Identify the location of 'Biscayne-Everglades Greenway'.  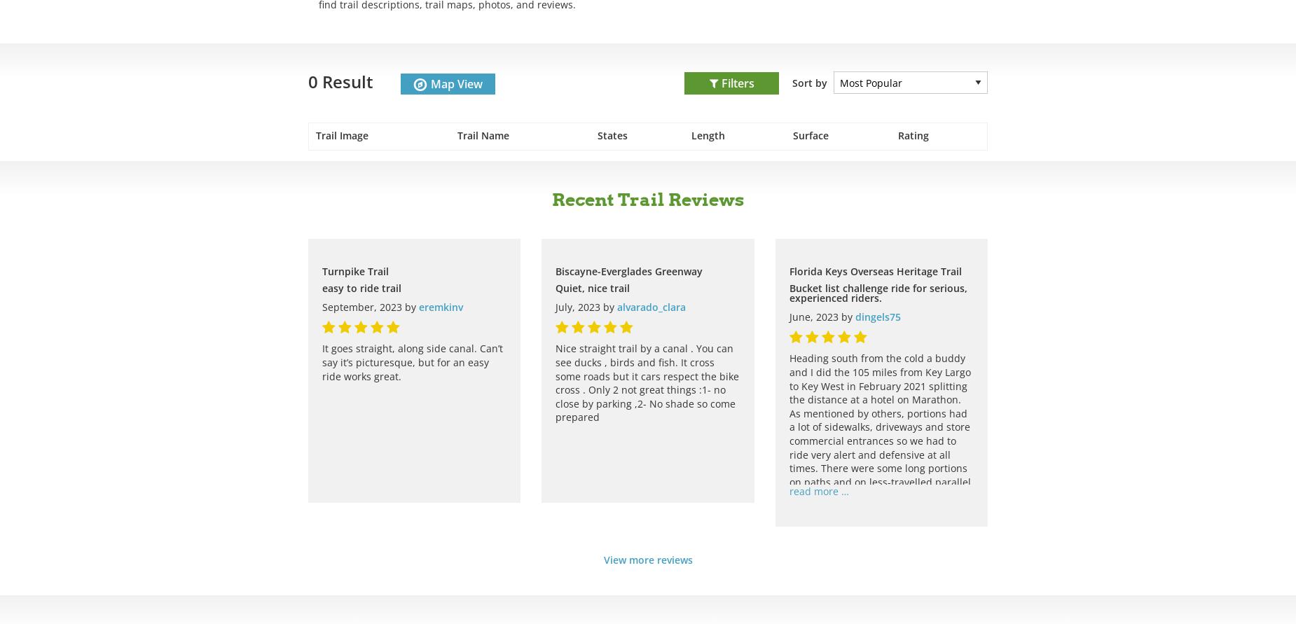
(628, 270).